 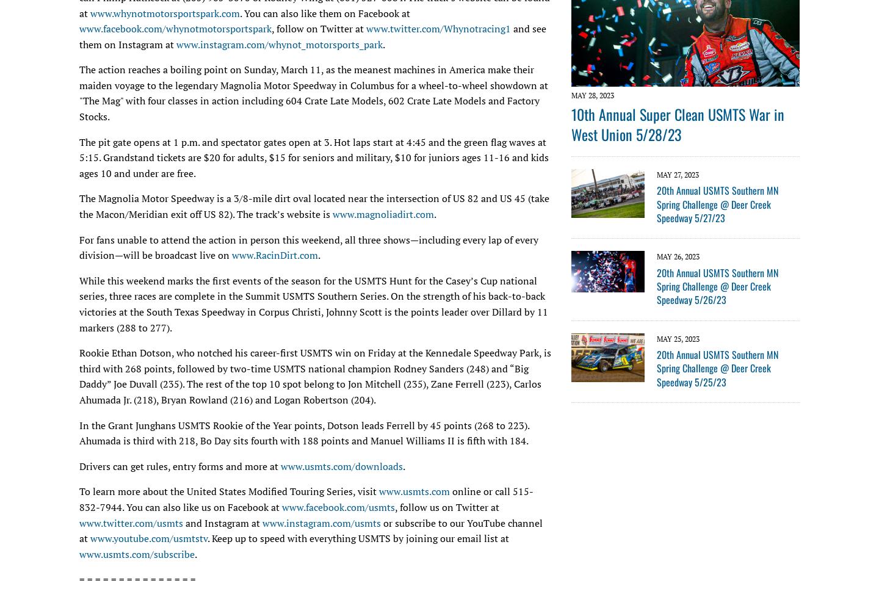 What do you see at coordinates (313, 205) in the screenshot?
I see `'The Magnolia Motor Speedway is a 3/8-mile dirt oval located near the intersection of US 82 and US 45 (take the Macon/Meridian exit off US 82). The track’s website is'` at bounding box center [313, 205].